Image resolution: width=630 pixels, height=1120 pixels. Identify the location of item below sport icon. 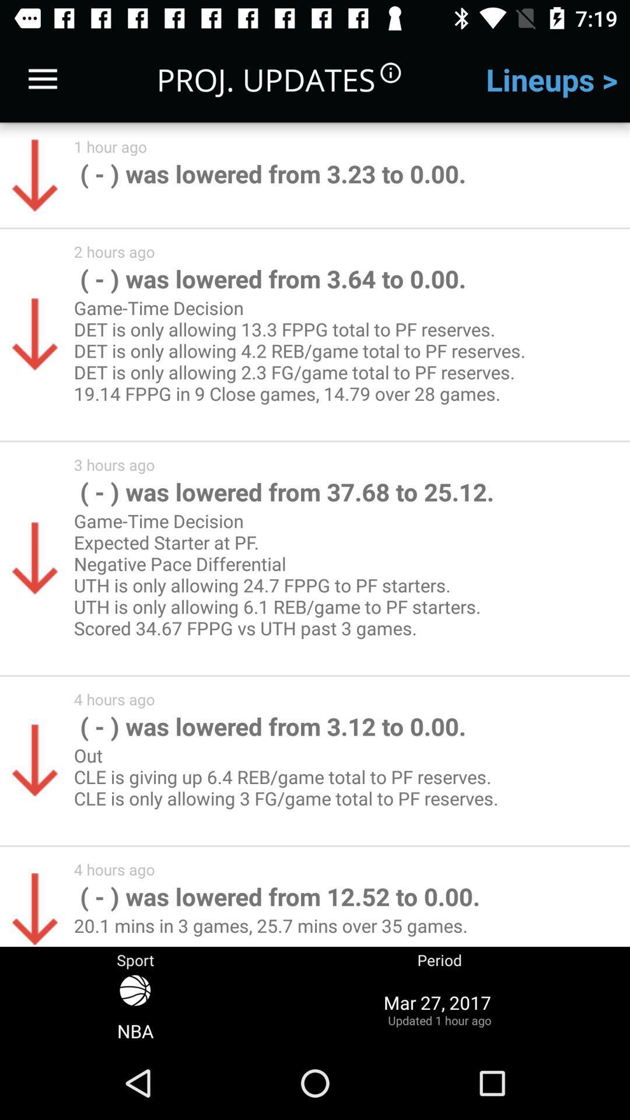
(439, 1009).